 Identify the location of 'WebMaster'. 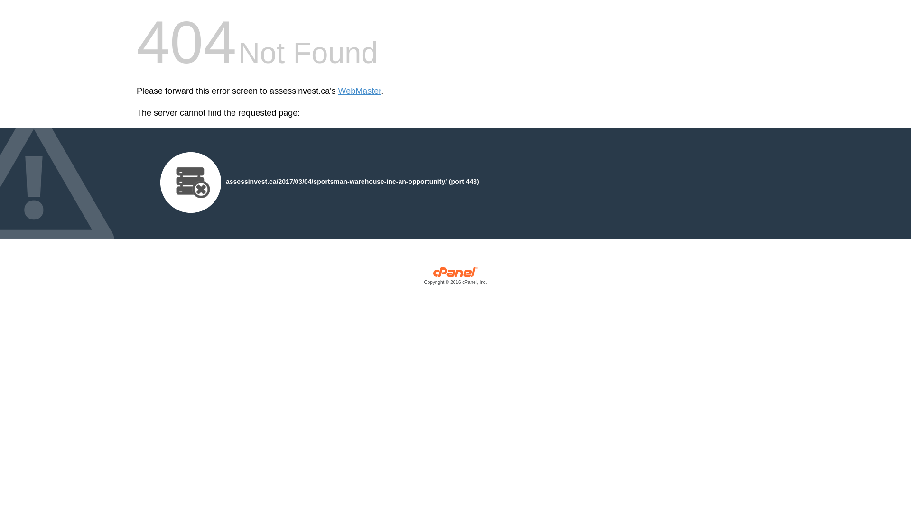
(359, 91).